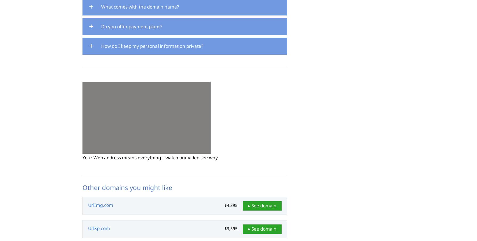 This screenshot has width=477, height=241. What do you see at coordinates (151, 46) in the screenshot?
I see `'How do I keep my personal information private?'` at bounding box center [151, 46].